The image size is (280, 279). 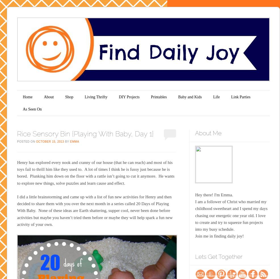 What do you see at coordinates (195, 256) in the screenshot?
I see `'Lets Get Together'` at bounding box center [195, 256].